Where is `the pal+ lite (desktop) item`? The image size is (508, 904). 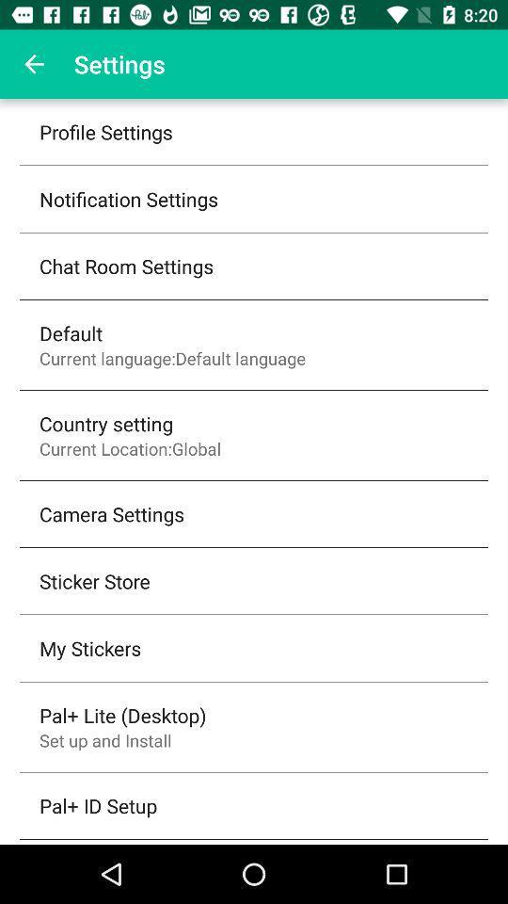
the pal+ lite (desktop) item is located at coordinates (122, 714).